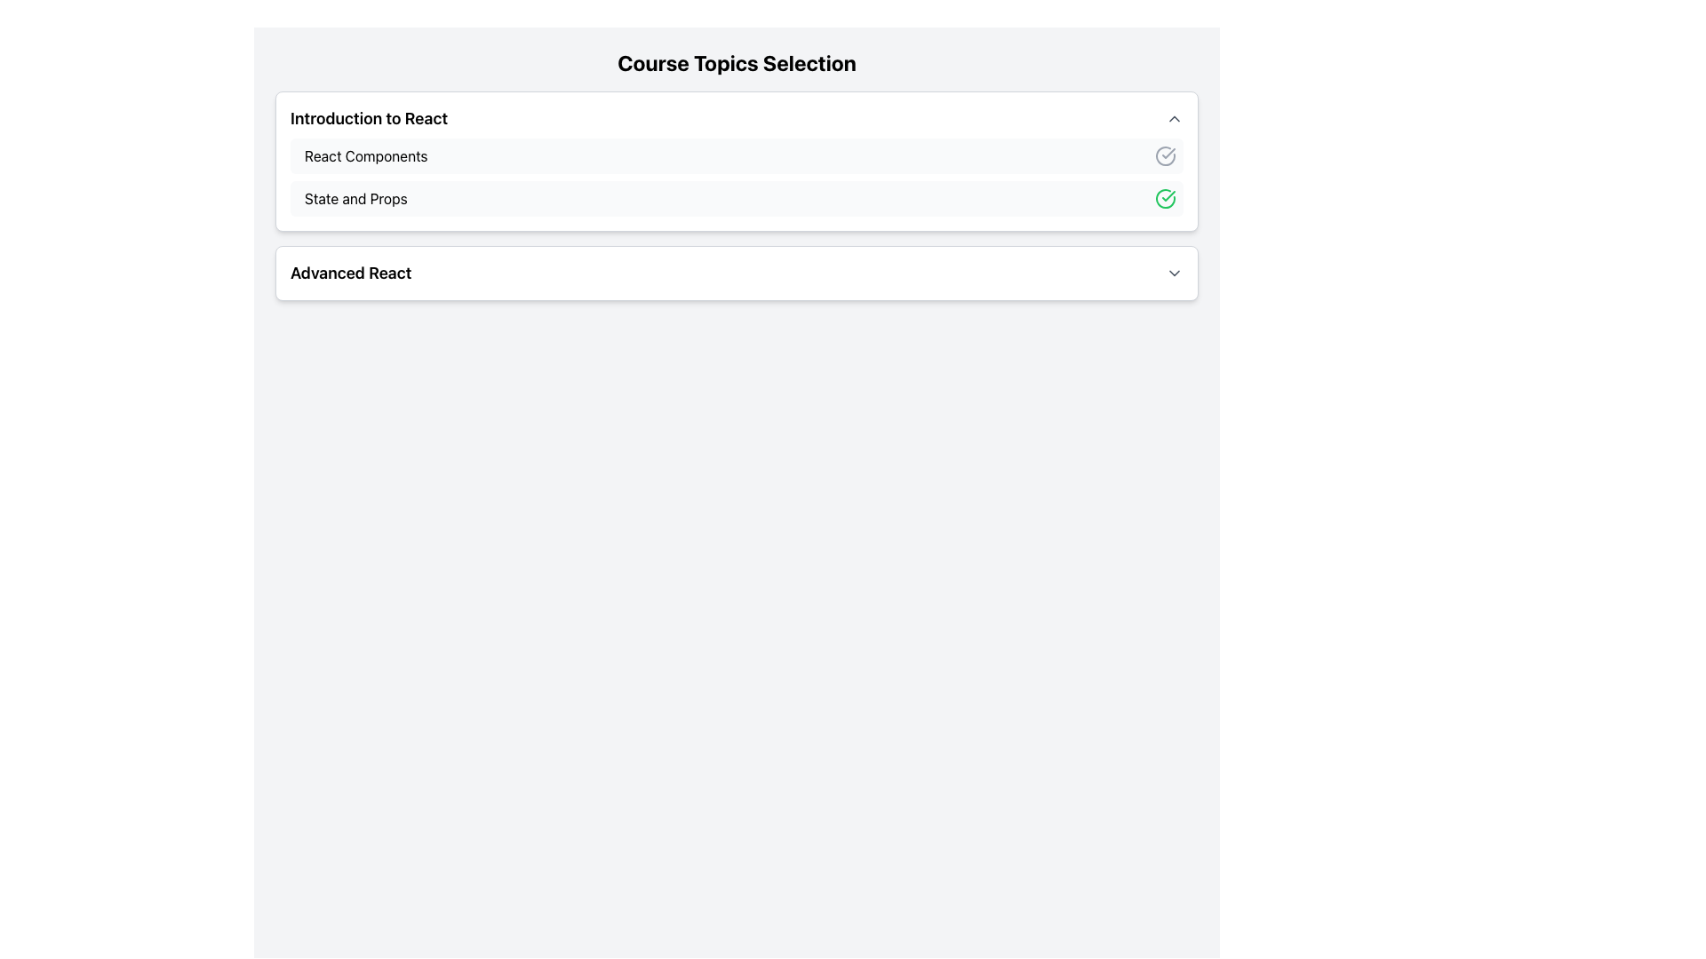 This screenshot has width=1706, height=959. I want to click on the circular checkmark icon with a gray outlined checkmark, located on the right side of the 'React Components' list item, so click(1165, 155).